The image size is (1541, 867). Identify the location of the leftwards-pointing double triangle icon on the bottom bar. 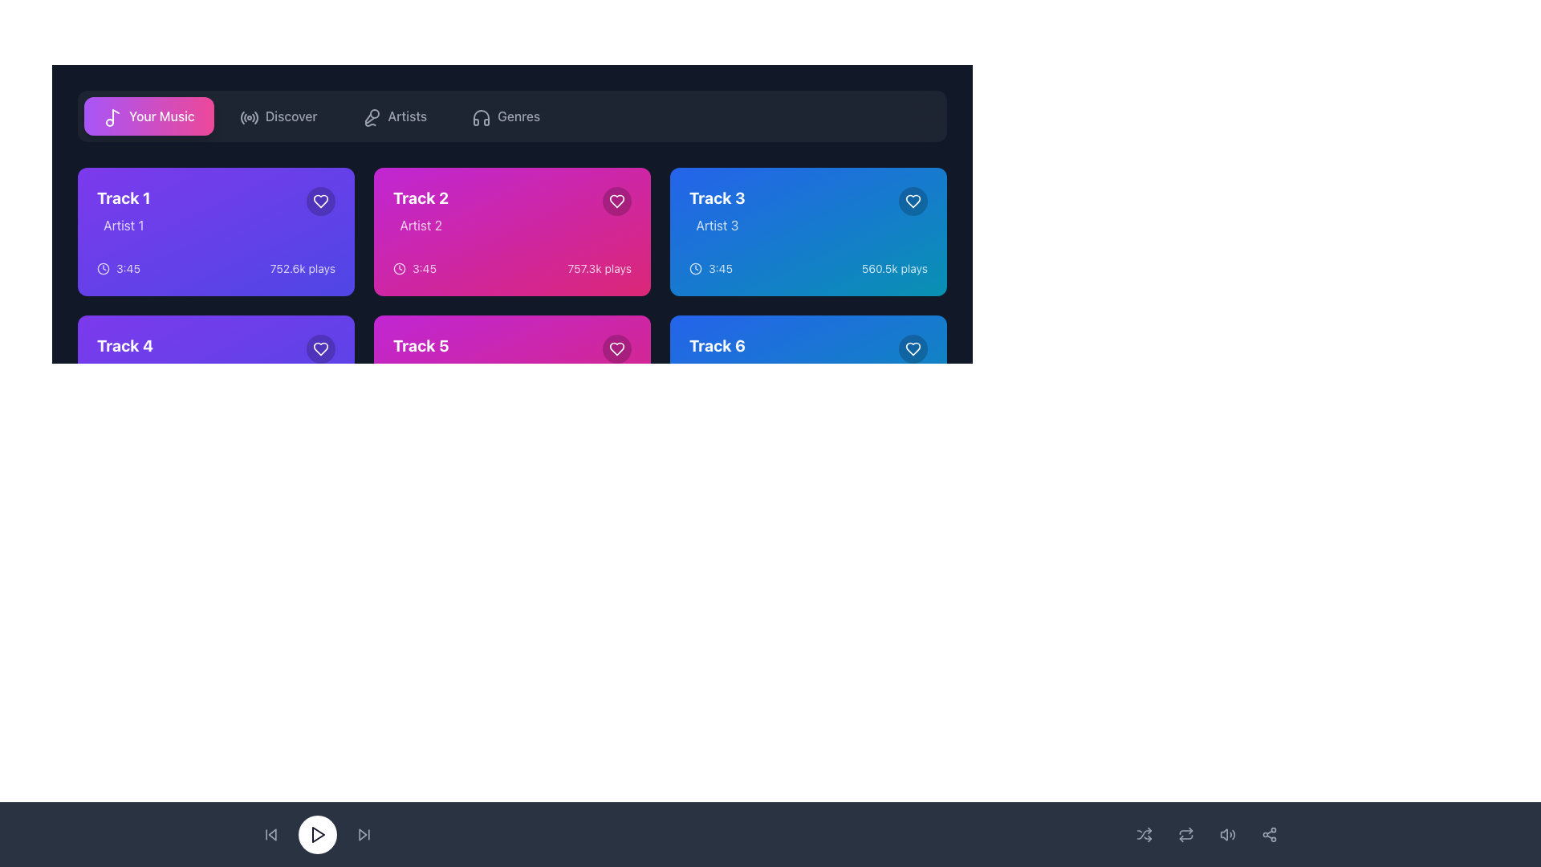
(270, 834).